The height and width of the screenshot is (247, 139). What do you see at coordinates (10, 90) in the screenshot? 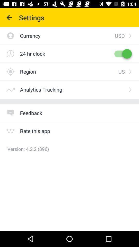
I see `the icon which is left side of the analytics tracking` at bounding box center [10, 90].